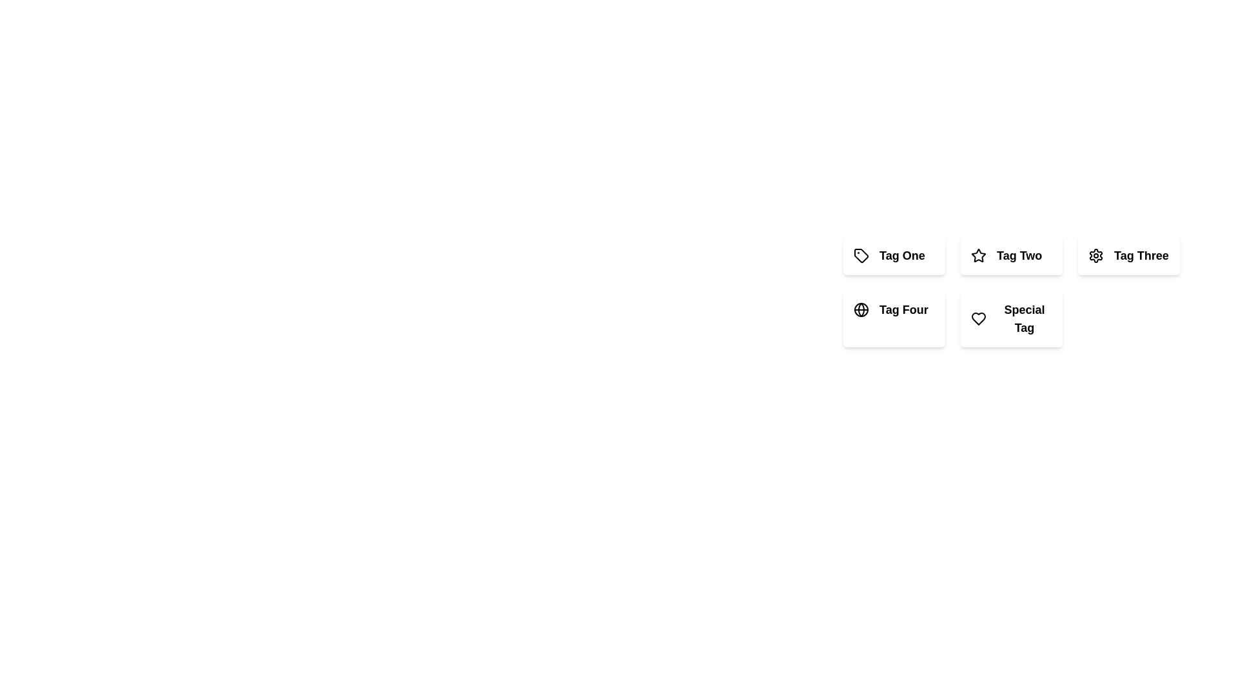 This screenshot has height=696, width=1238. I want to click on the gear-shaped icon, which is the third item from the left in the top row of a grid layout, indicative of settings functionalities, so click(1095, 256).